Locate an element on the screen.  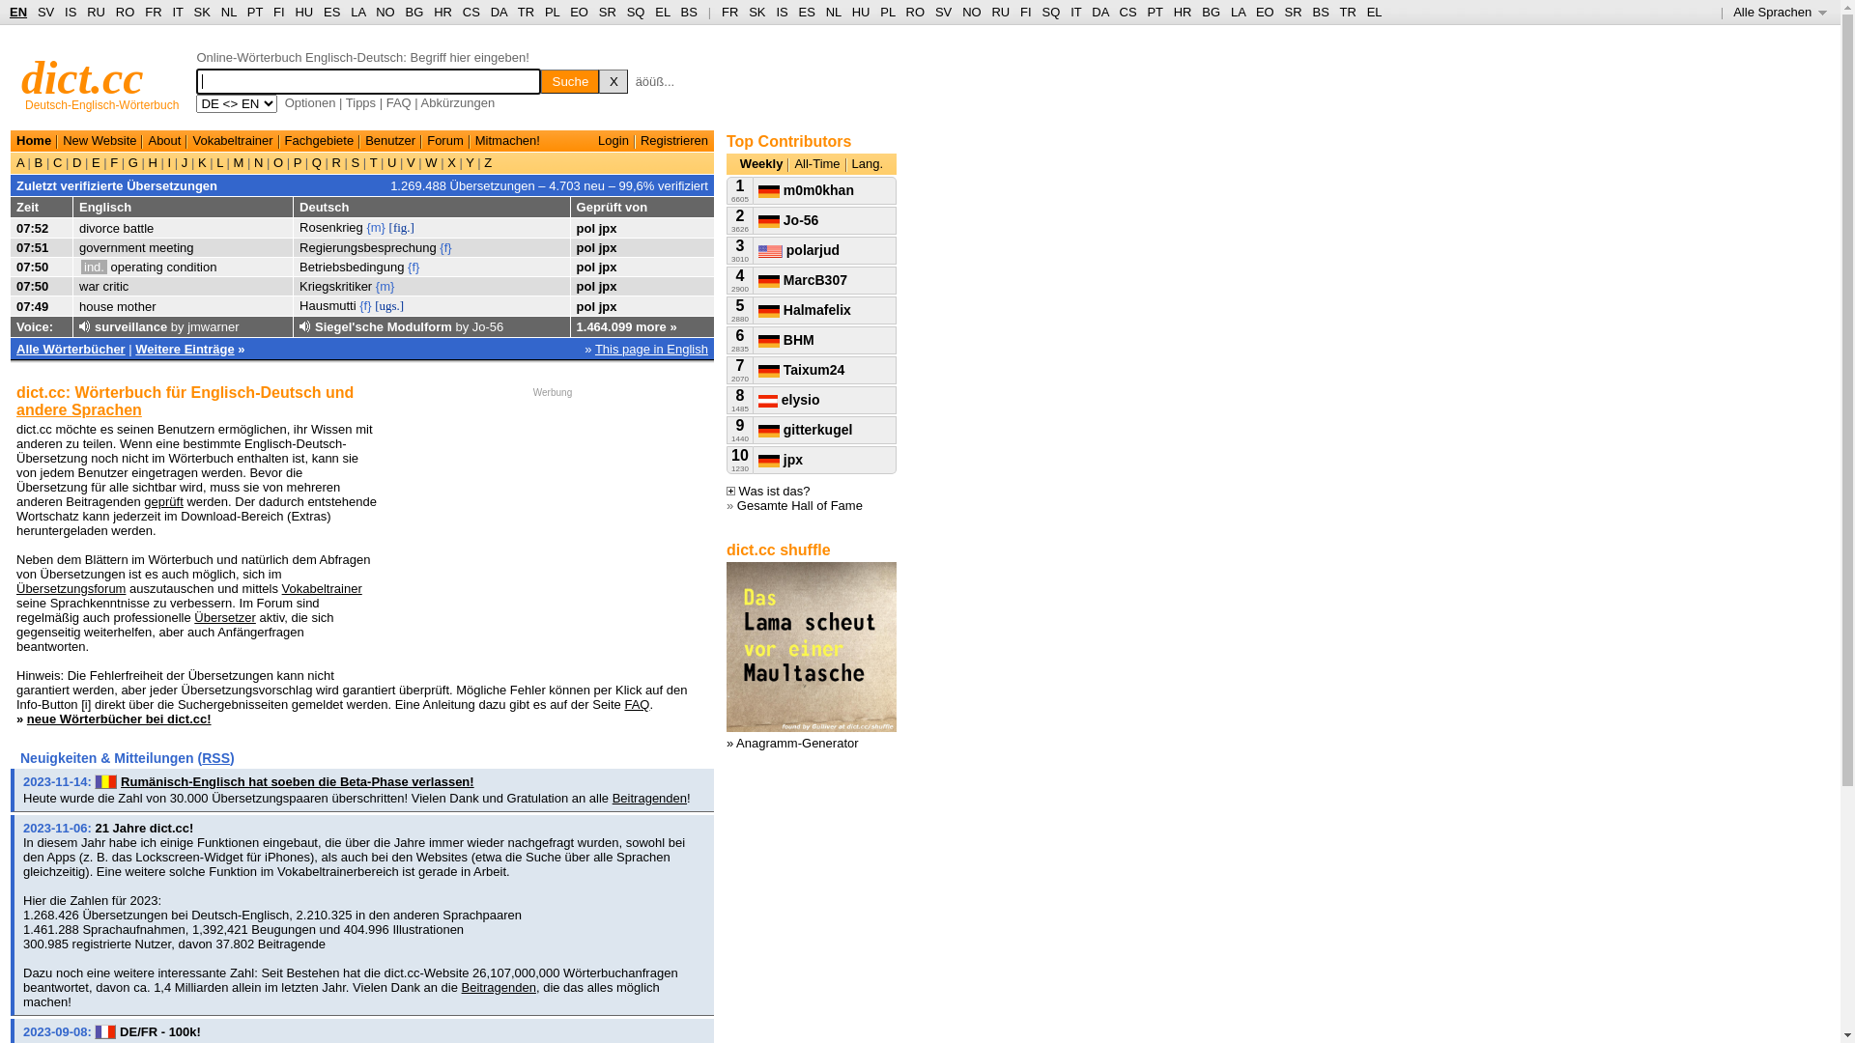
'PT' is located at coordinates (254, 12).